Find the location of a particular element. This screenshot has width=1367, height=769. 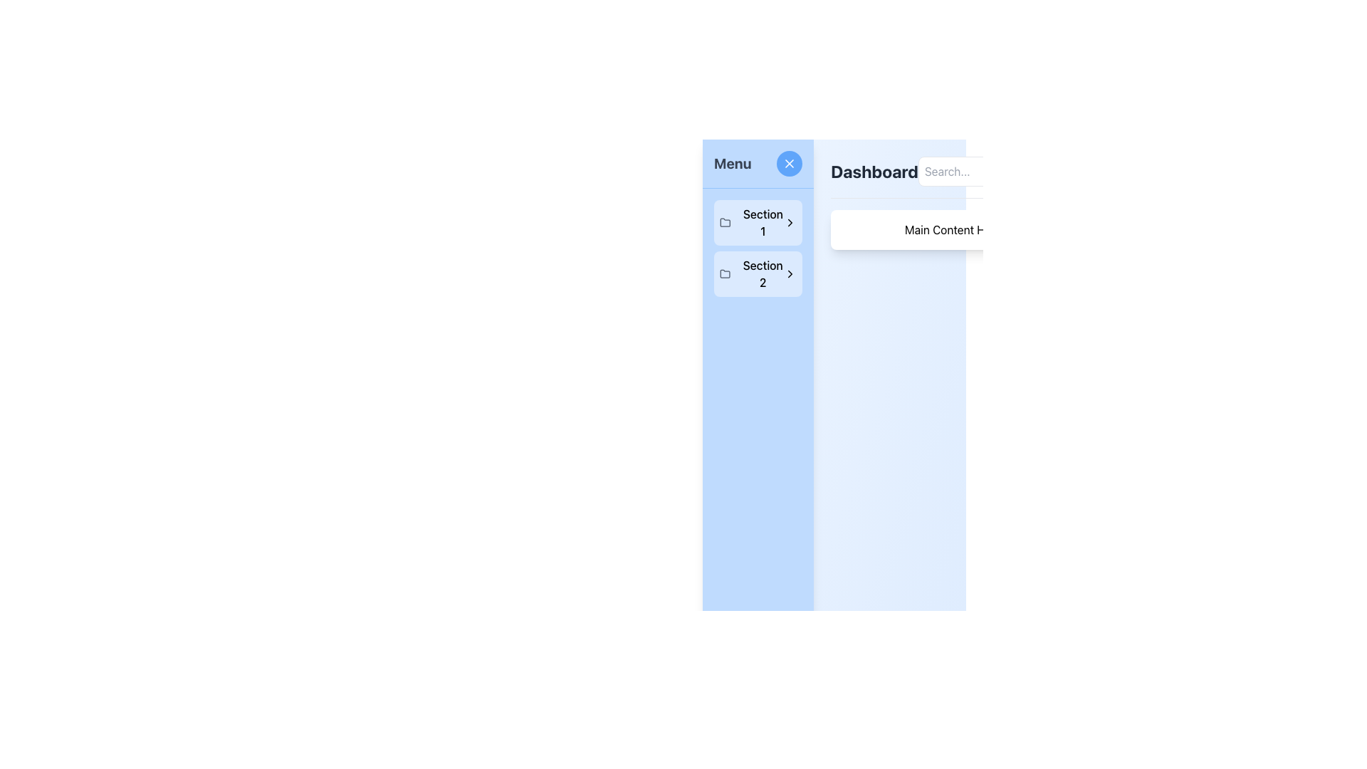

the static text element labeled 'Section 1' in the left sidebar menu, which serves as a label for a menu item is located at coordinates (762, 222).